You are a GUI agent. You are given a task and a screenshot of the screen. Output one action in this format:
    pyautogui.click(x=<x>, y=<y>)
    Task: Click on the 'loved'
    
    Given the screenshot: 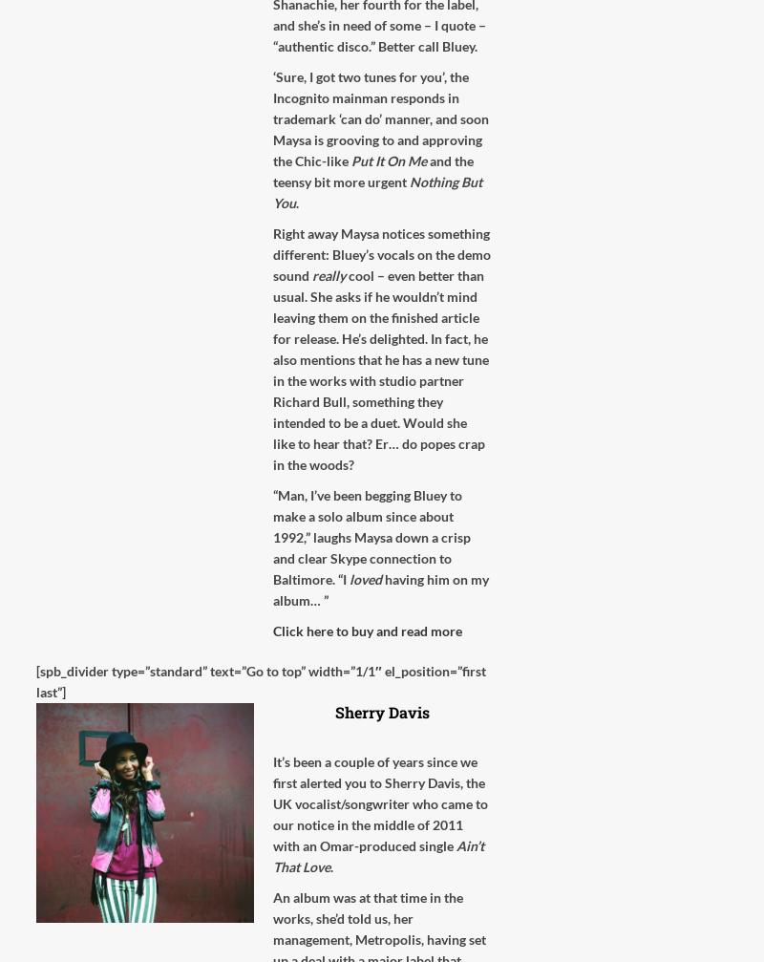 What is the action you would take?
    pyautogui.click(x=350, y=578)
    